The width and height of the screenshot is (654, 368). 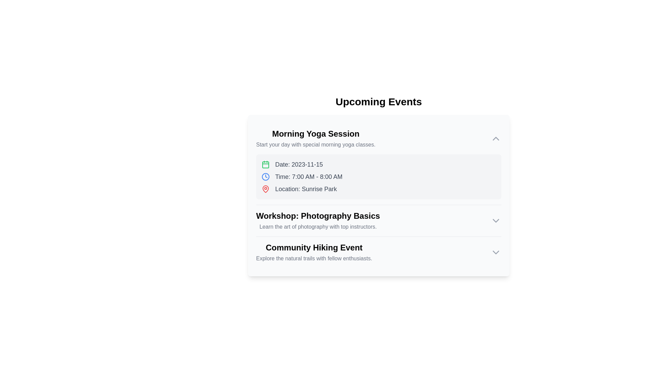 What do you see at coordinates (314, 259) in the screenshot?
I see `static text that provides additional details about the 'Community Hiking Event', located below the title in the third section of the 'Upcoming Events' list` at bounding box center [314, 259].